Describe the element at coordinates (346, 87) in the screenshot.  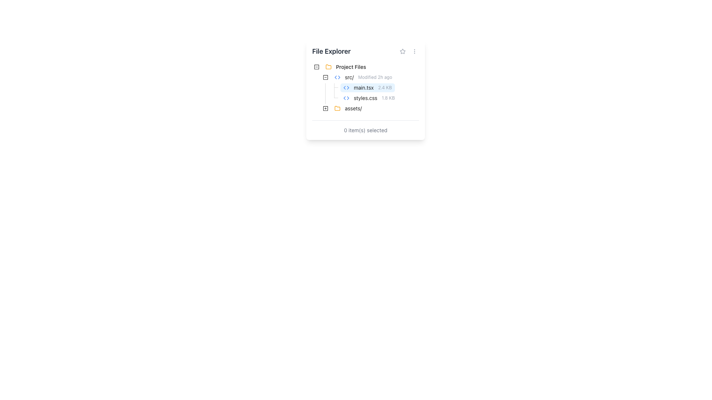
I see `the small blue icon resembling a code symbol with two inward-pointing chevrons, located next to the text 'main.tsx 2.4 KB' in the file explorer panel` at that location.